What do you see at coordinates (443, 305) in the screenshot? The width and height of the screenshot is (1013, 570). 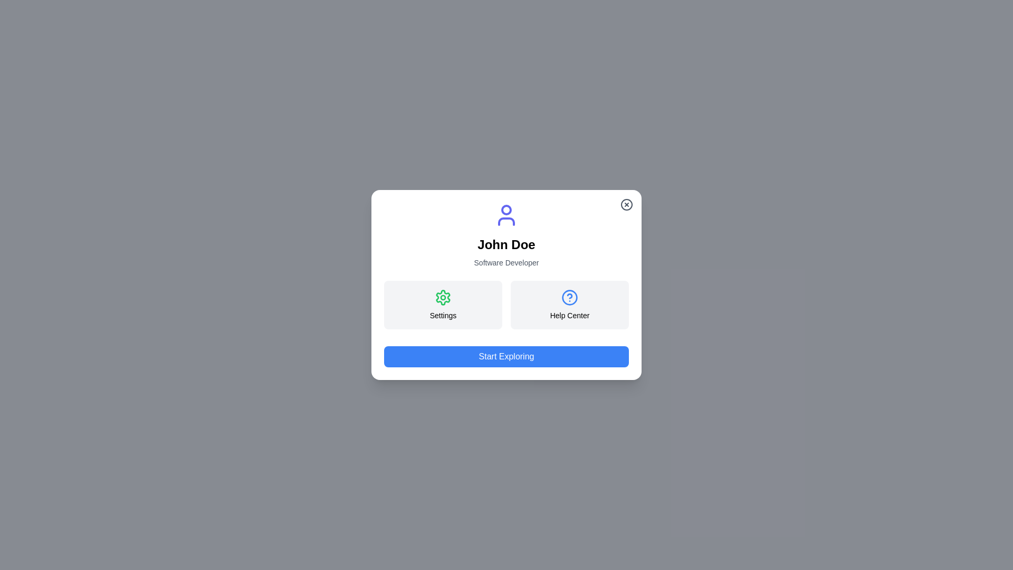 I see `the 'Settings' button with a green gear icon and text label in a modal window` at bounding box center [443, 305].